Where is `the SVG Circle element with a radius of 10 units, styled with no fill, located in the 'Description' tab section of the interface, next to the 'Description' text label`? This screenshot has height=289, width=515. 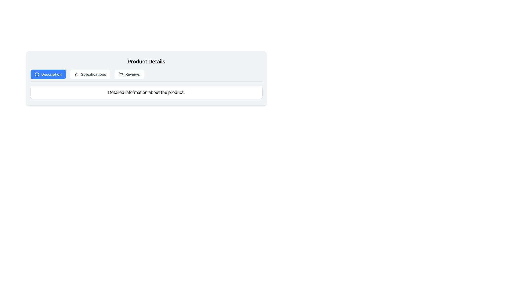 the SVG Circle element with a radius of 10 units, styled with no fill, located in the 'Description' tab section of the interface, next to the 'Description' text label is located at coordinates (37, 74).